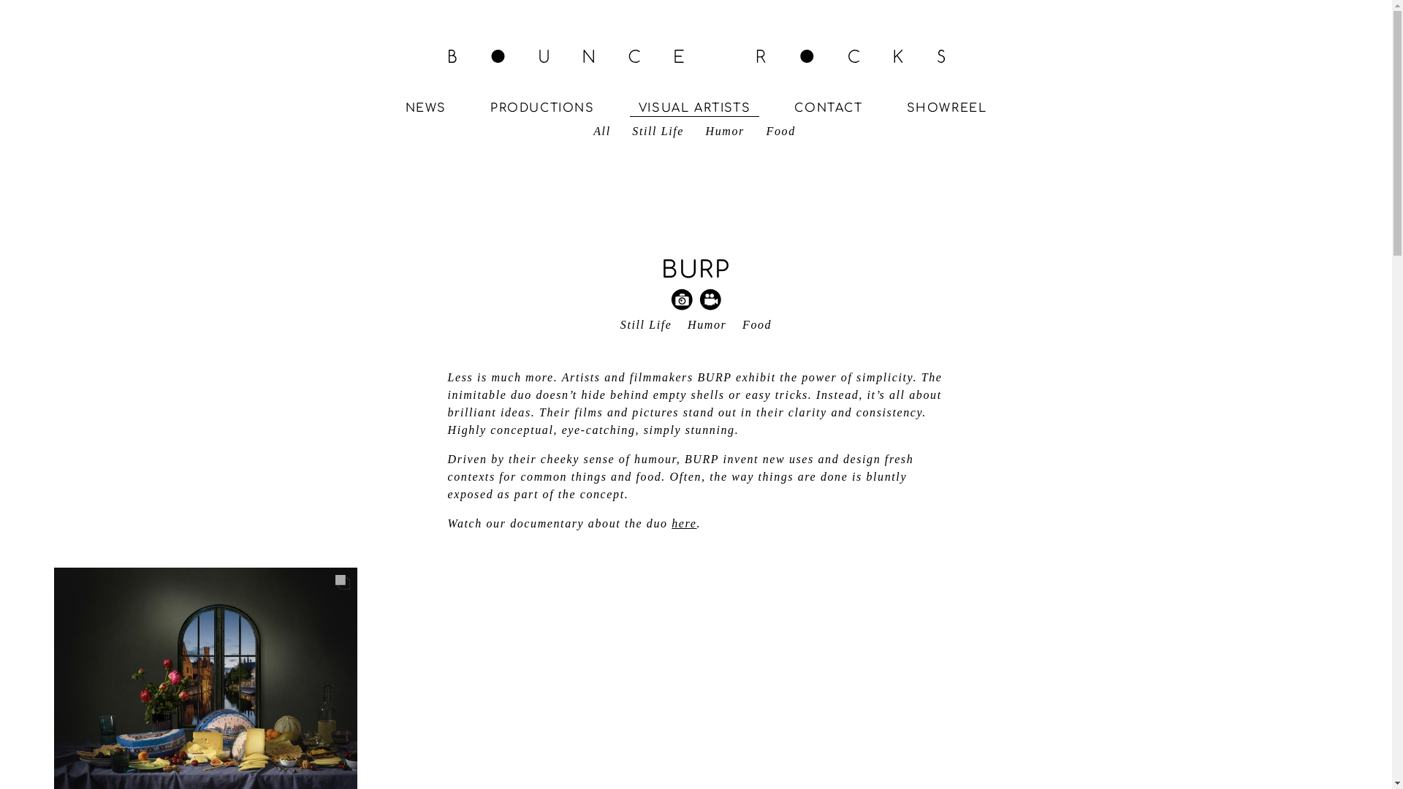 The width and height of the screenshot is (1403, 789). I want to click on 'SHOWREEL', so click(947, 107).